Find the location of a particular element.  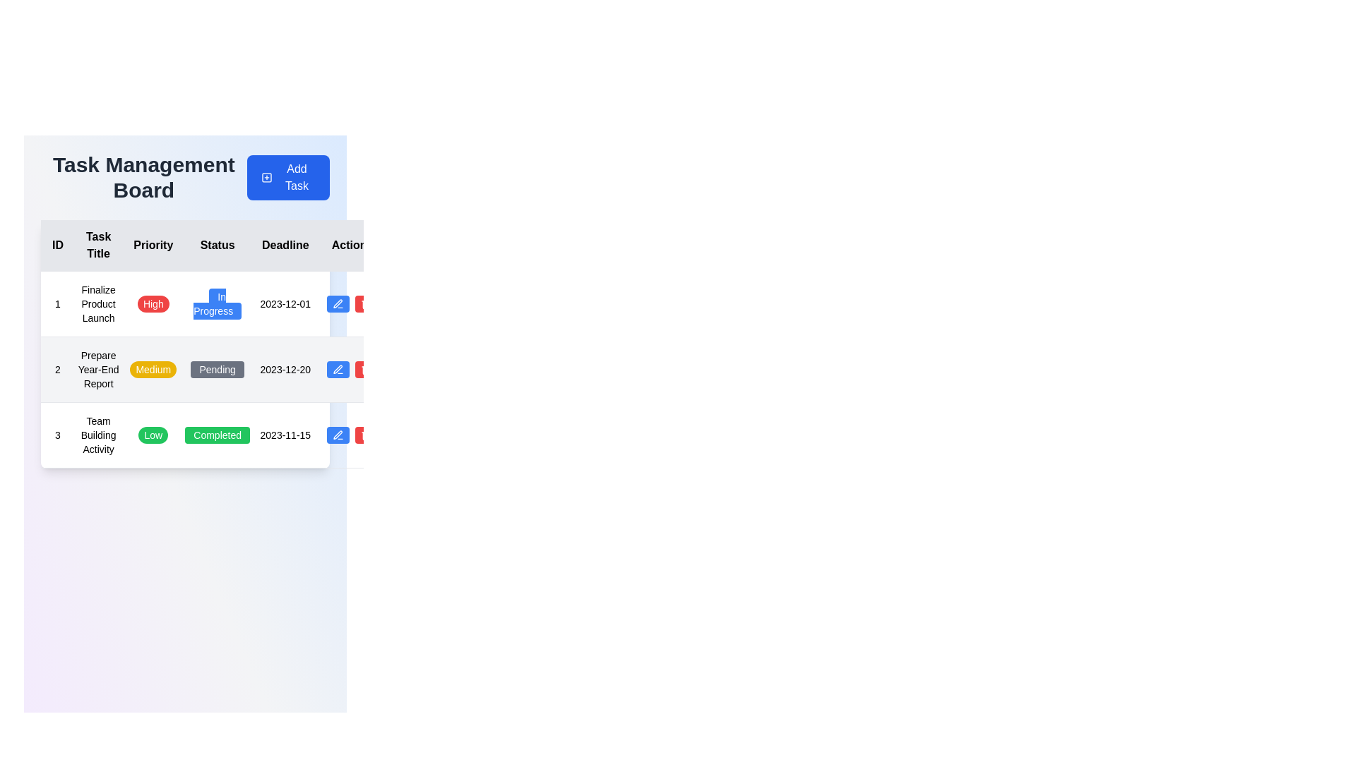

the blue button with white rounded corners and a pen icon located in the second row under the 'Action' column to initiate the edit action is located at coordinates (338, 369).